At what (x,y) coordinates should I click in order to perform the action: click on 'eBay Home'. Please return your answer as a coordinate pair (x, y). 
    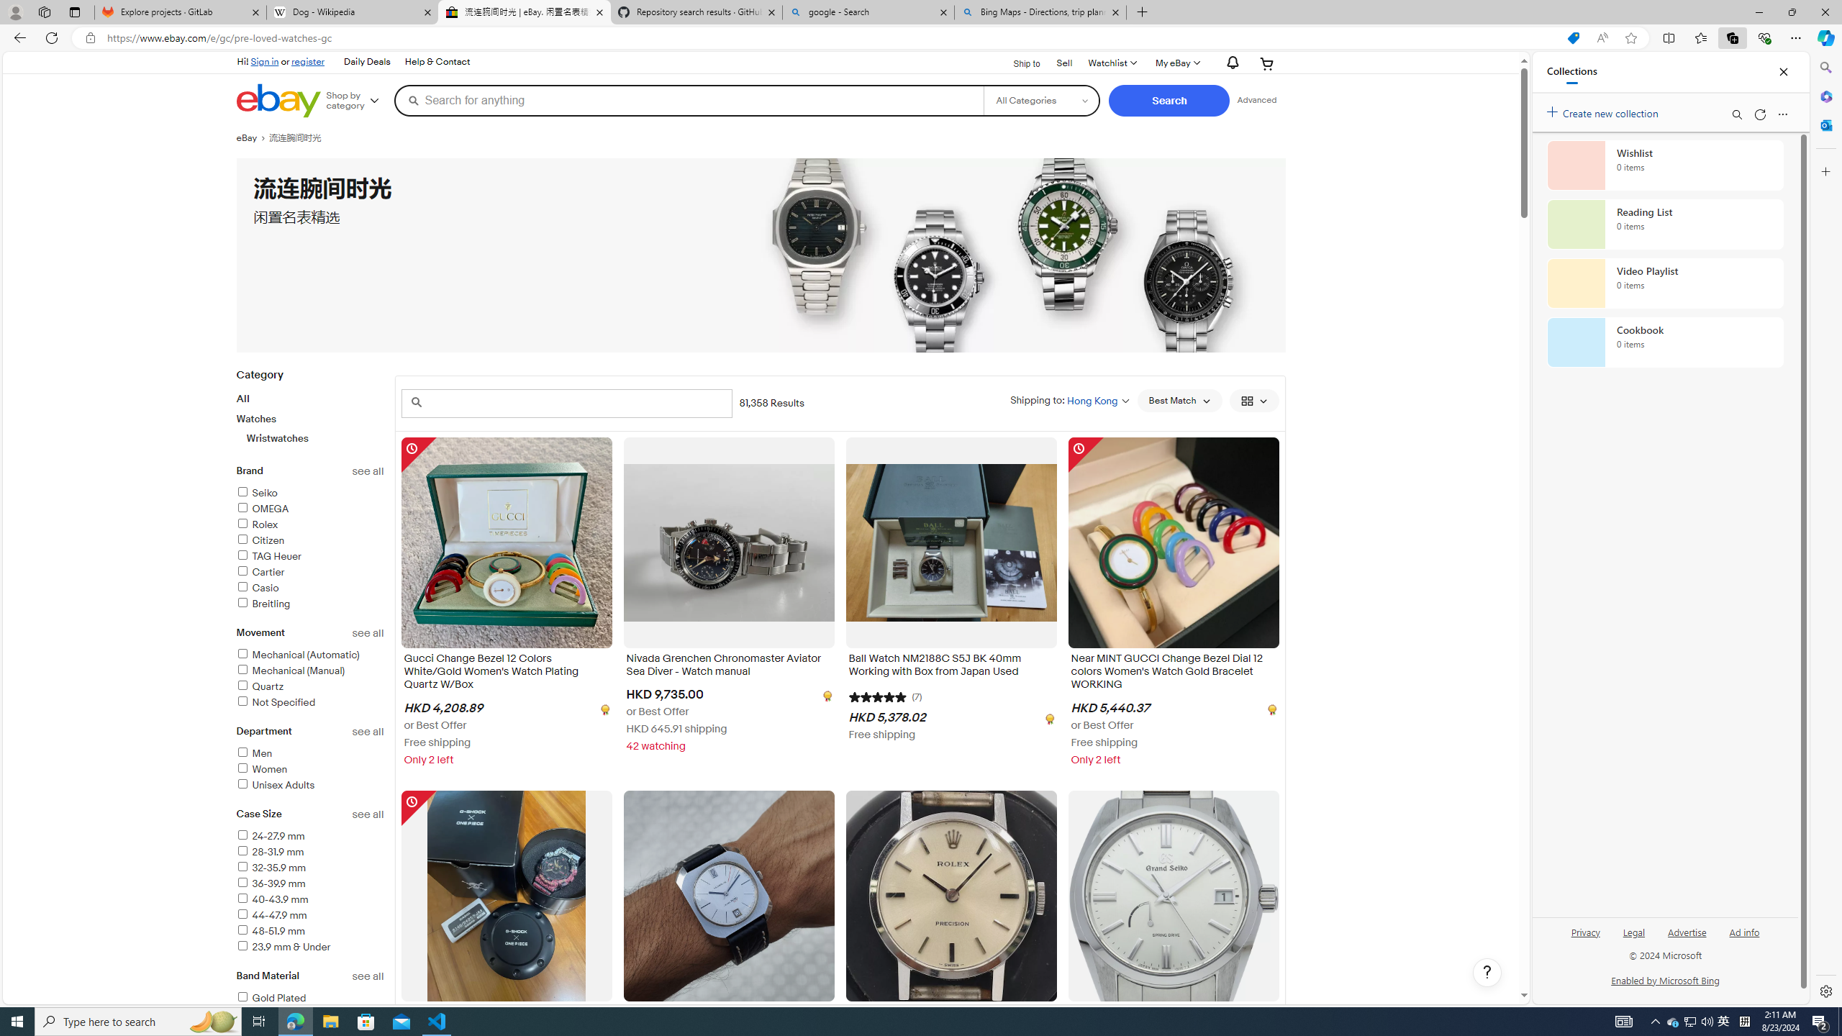
    Looking at the image, I should click on (278, 100).